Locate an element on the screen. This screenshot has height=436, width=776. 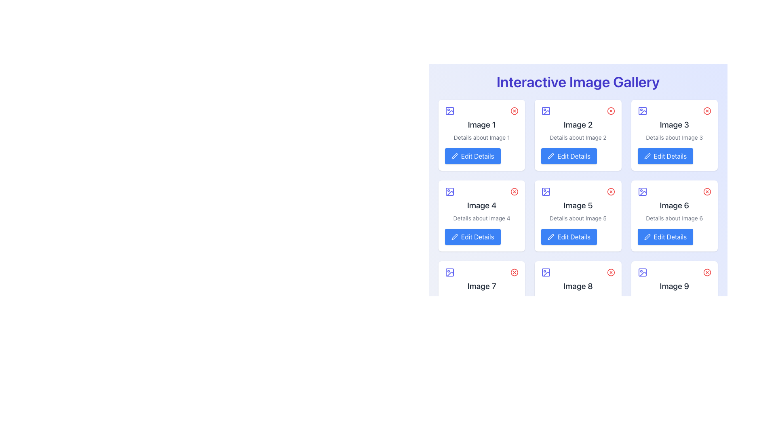
the small circular icon with a red border and a red 'X' symbol in the top-right corner of 'Image 4' is located at coordinates (514, 191).